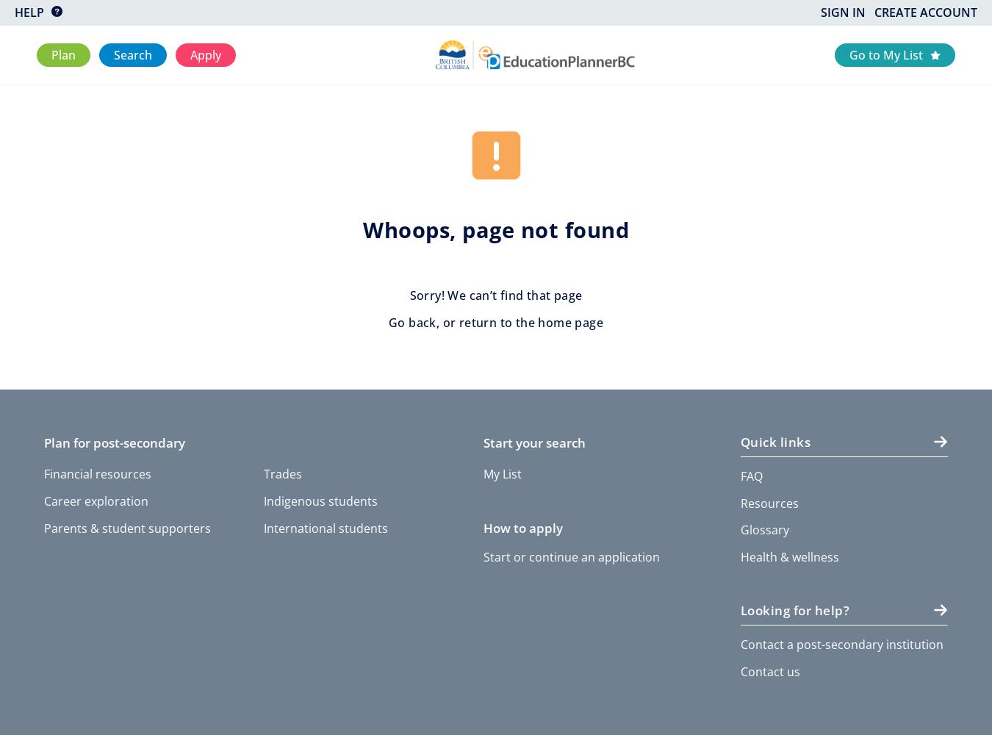 The width and height of the screenshot is (992, 735). I want to click on 'Contact a post-secondary institution', so click(840, 644).